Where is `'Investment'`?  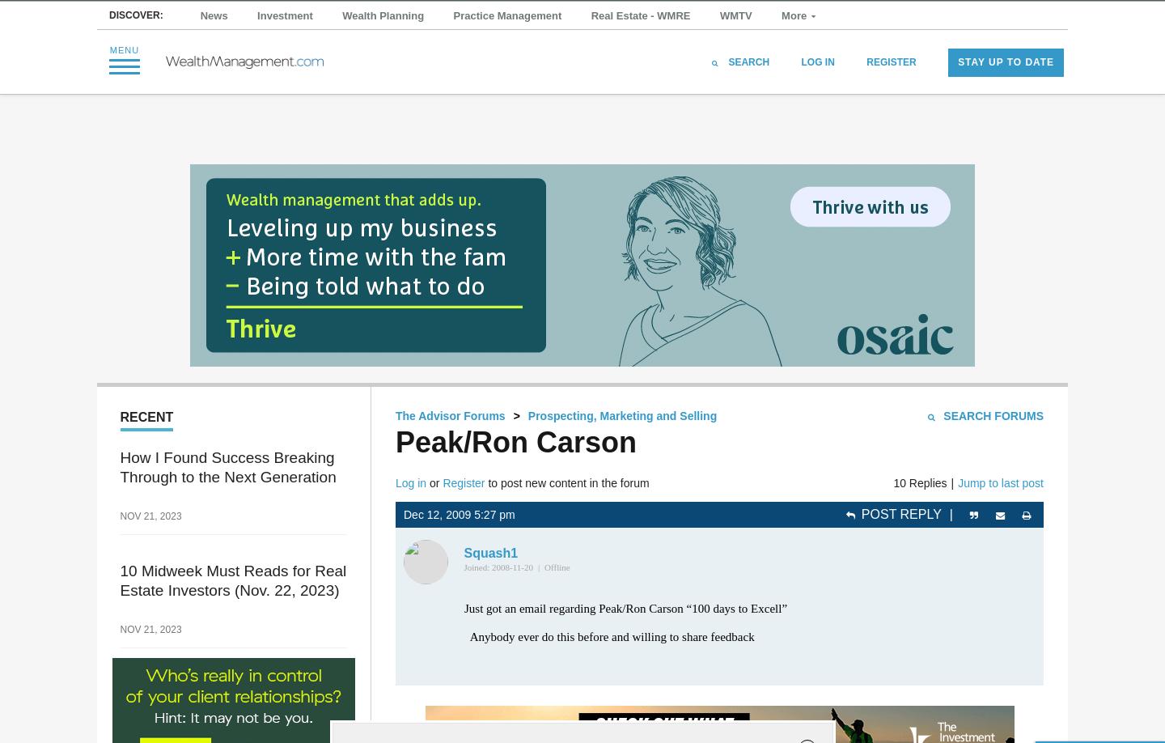 'Investment' is located at coordinates (284, 43).